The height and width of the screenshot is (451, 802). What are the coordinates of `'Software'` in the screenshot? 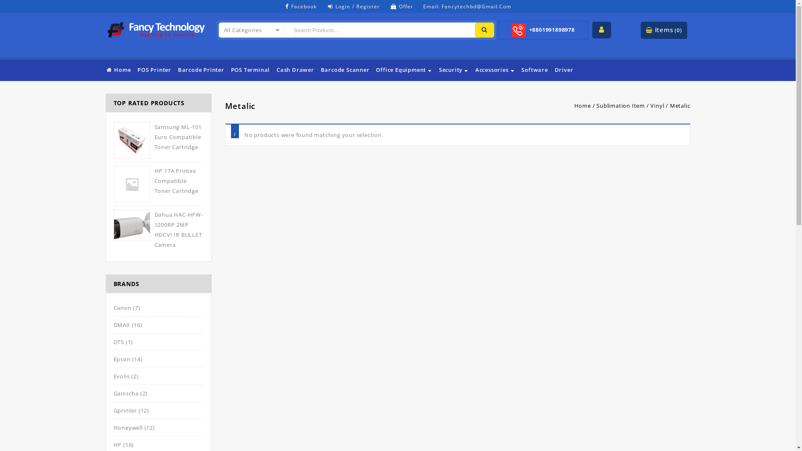 It's located at (520, 69).